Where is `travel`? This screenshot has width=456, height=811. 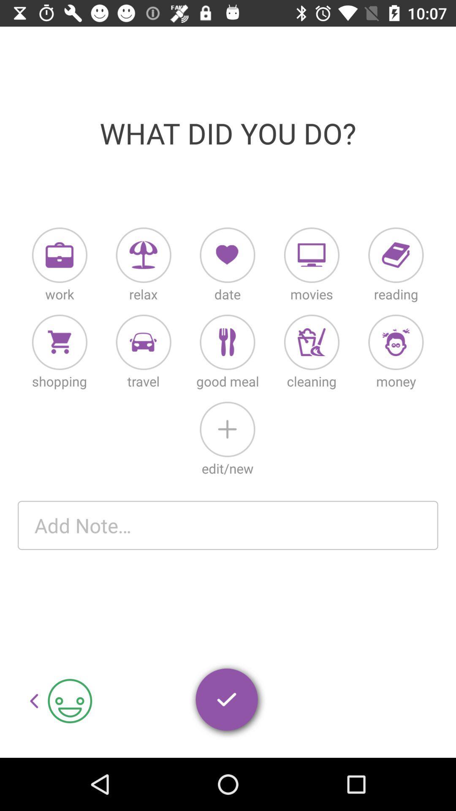 travel is located at coordinates (143, 342).